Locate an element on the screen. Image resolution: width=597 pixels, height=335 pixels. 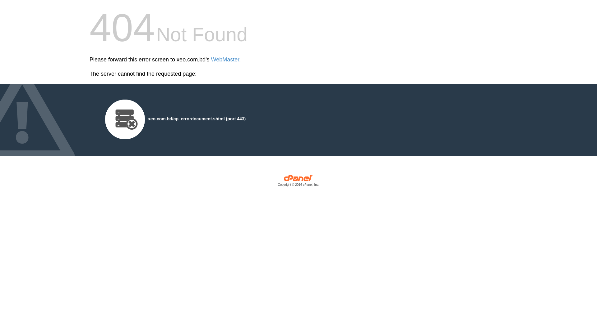
'WebMaster' is located at coordinates (225, 60).